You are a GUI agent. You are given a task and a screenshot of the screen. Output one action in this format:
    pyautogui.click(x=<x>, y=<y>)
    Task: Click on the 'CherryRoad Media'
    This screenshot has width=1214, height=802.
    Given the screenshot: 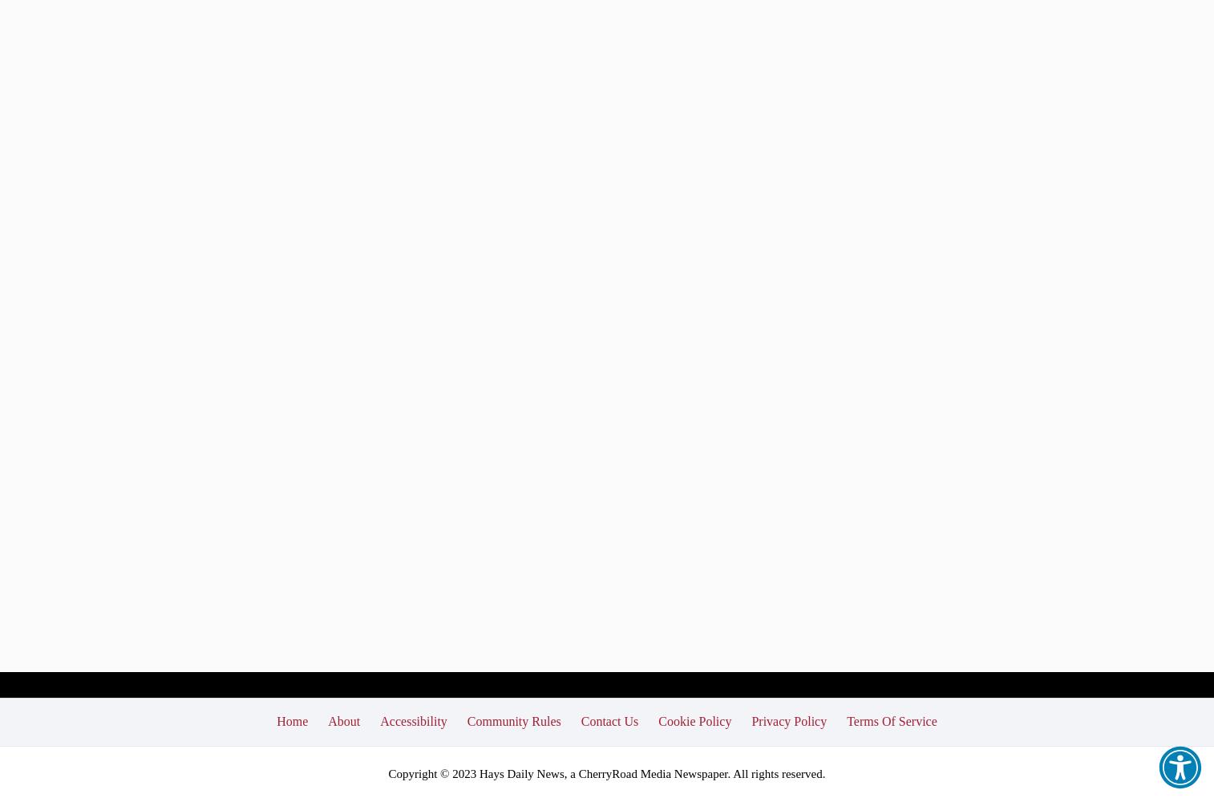 What is the action you would take?
    pyautogui.click(x=623, y=772)
    